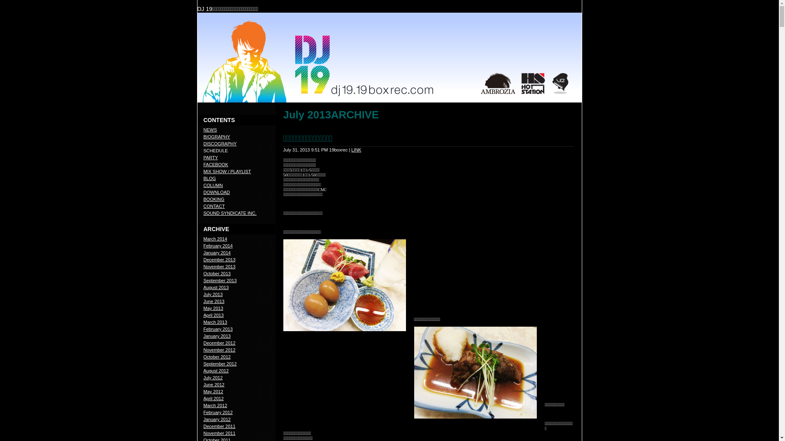 The width and height of the screenshot is (785, 441). I want to click on 'March 2012', so click(215, 405).